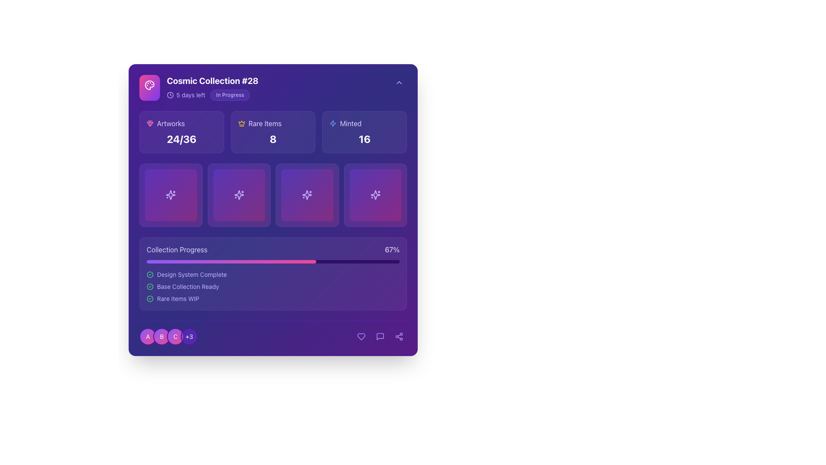  What do you see at coordinates (379, 336) in the screenshot?
I see `the purple message bubble icon button located in the bottom-right corner of the interface` at bounding box center [379, 336].